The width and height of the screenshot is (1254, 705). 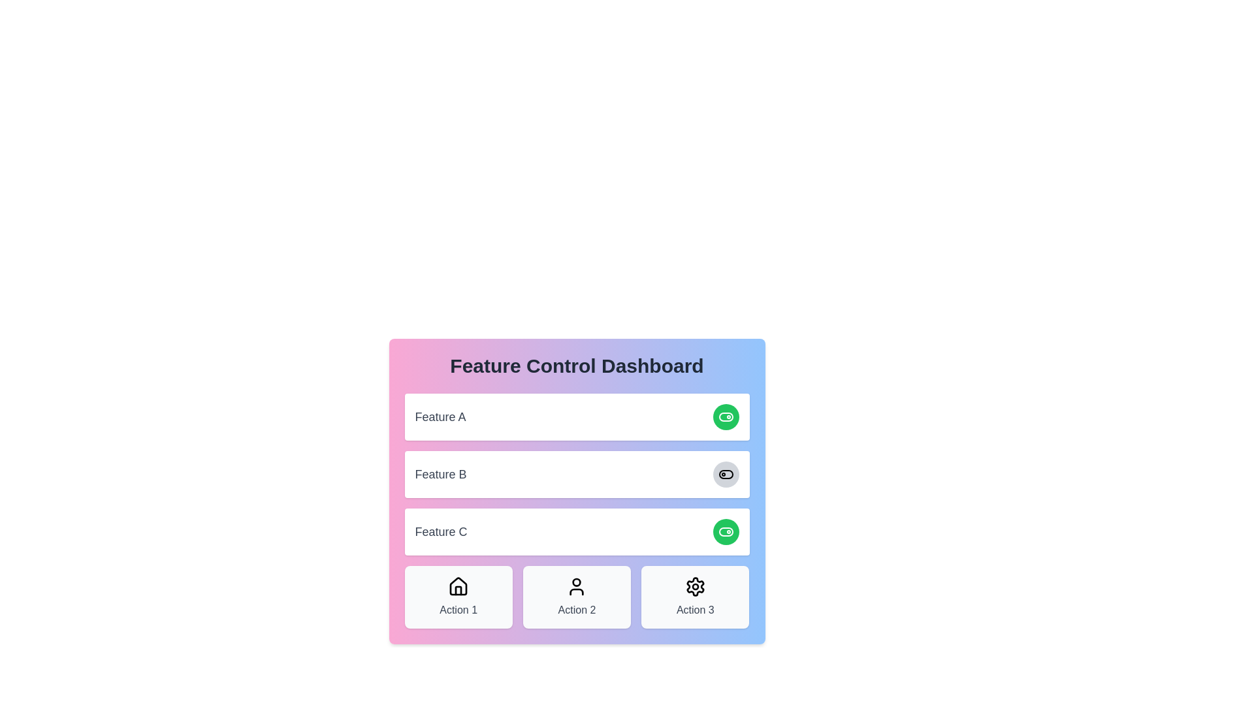 What do you see at coordinates (694, 597) in the screenshot?
I see `the 'Action 3' button which is a rectangular button with a light gray background, rounded corners, and a gear icon above the text label` at bounding box center [694, 597].